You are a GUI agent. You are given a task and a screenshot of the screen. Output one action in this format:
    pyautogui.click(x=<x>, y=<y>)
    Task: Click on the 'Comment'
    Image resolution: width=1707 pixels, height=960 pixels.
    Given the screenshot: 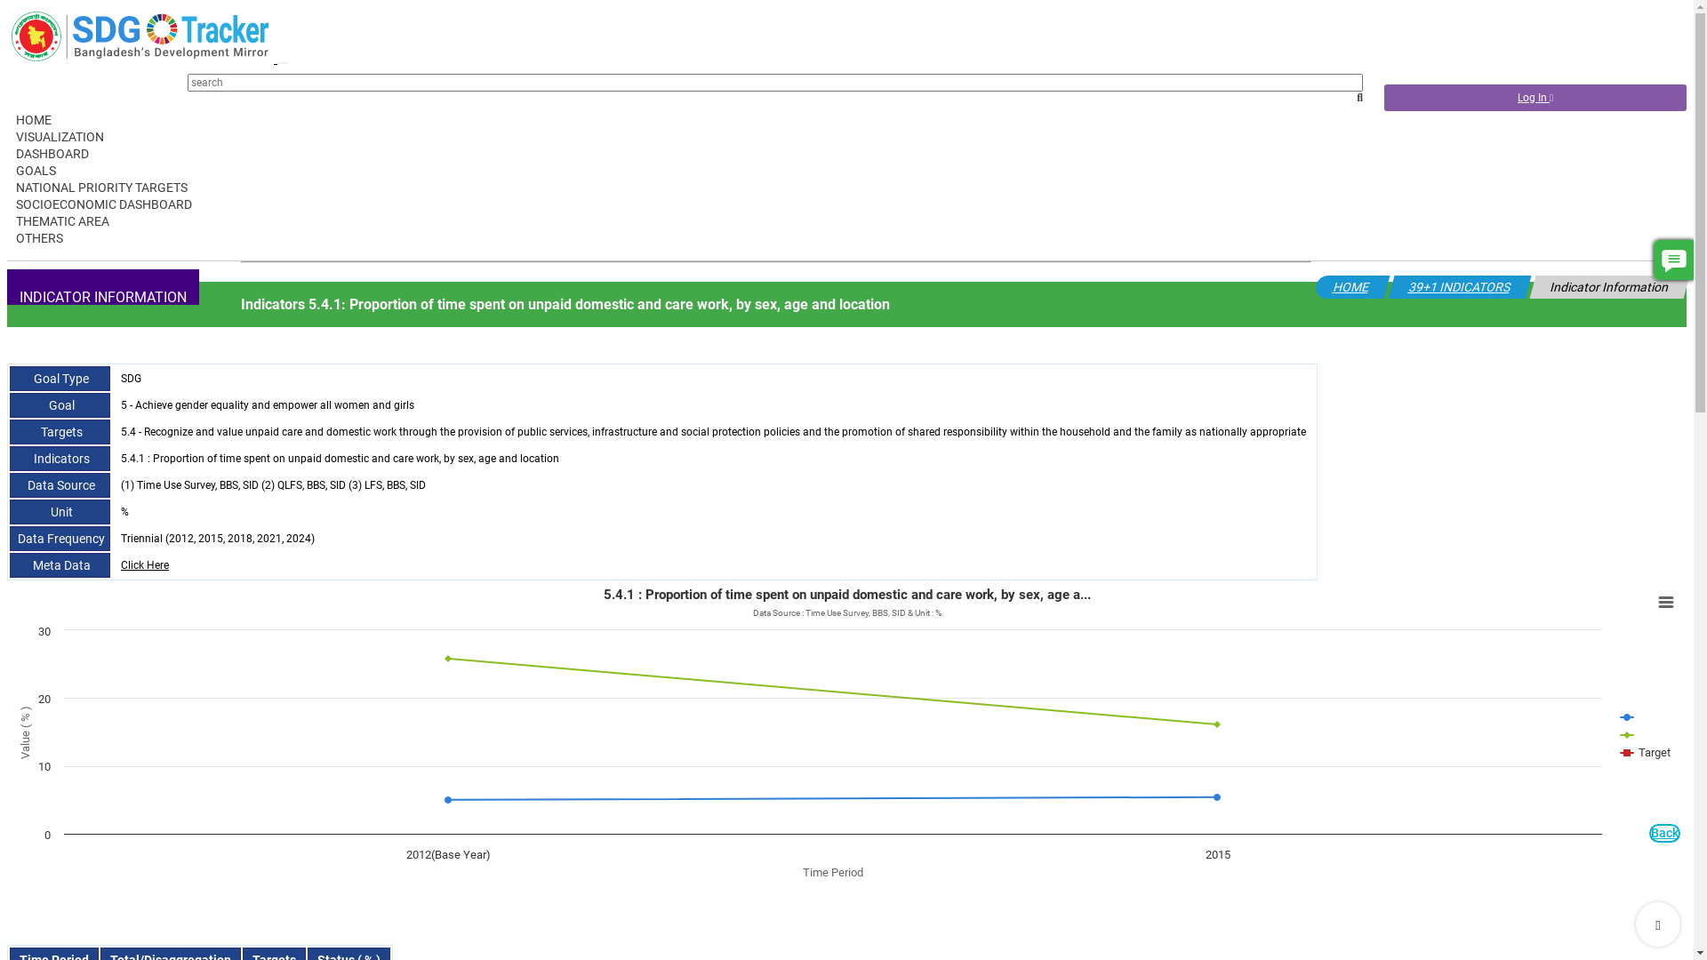 What is the action you would take?
    pyautogui.click(x=1672, y=260)
    